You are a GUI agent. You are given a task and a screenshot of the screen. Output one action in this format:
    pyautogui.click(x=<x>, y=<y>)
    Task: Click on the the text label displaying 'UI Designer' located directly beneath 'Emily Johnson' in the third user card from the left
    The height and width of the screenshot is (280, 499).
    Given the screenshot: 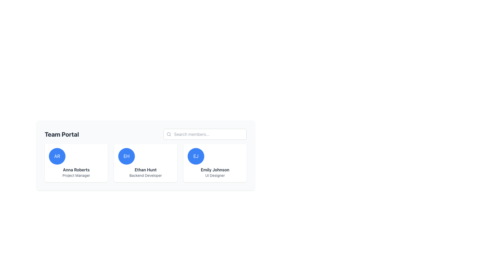 What is the action you would take?
    pyautogui.click(x=215, y=175)
    